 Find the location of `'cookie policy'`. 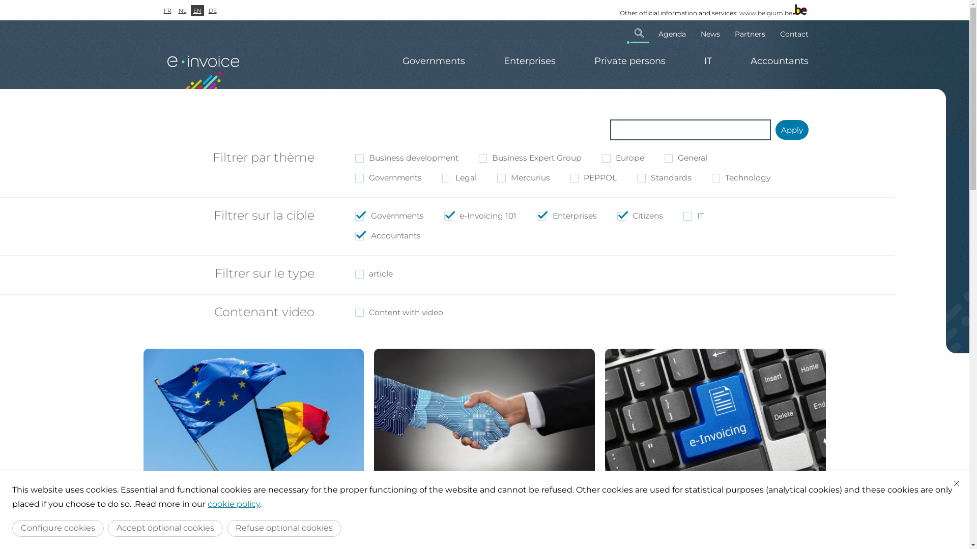

'cookie policy' is located at coordinates (207, 504).